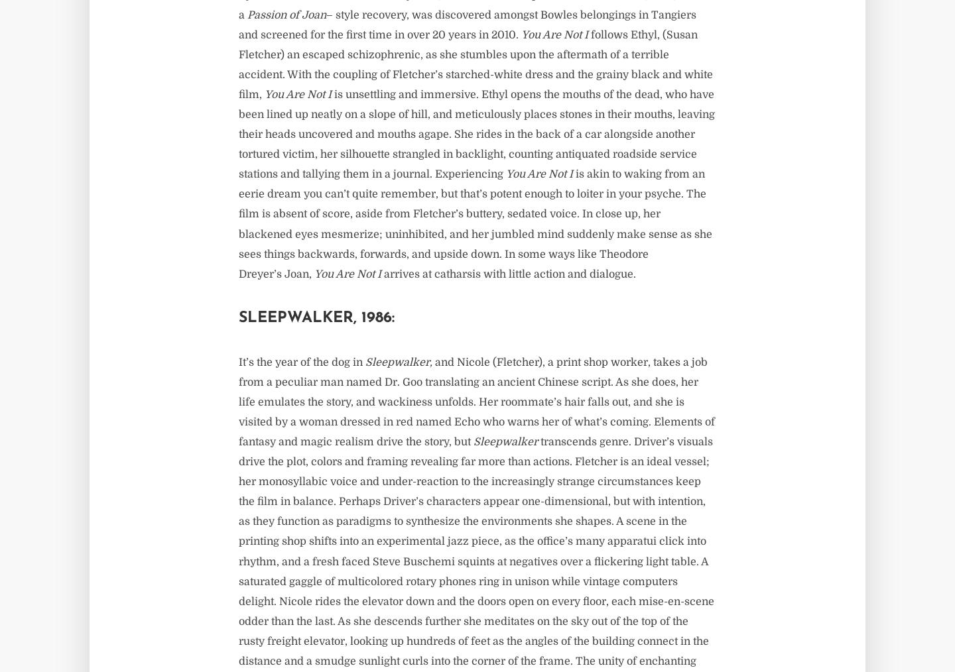 This screenshot has width=955, height=672. I want to click on 'is akin to waking from an eerie dream you can’t quite remember, but that’s potent enough to loiter in your psyche. The film is absent of score, aside from Fletcher’s buttery, sedated voice. In close up, her blackened eyes mesmerize; uninhibited, and her jumbled mind suddenly make sense as she sees things backwards, forwards, and upside down. In some ways like Theodore Dreyer’s Joan,', so click(475, 223).